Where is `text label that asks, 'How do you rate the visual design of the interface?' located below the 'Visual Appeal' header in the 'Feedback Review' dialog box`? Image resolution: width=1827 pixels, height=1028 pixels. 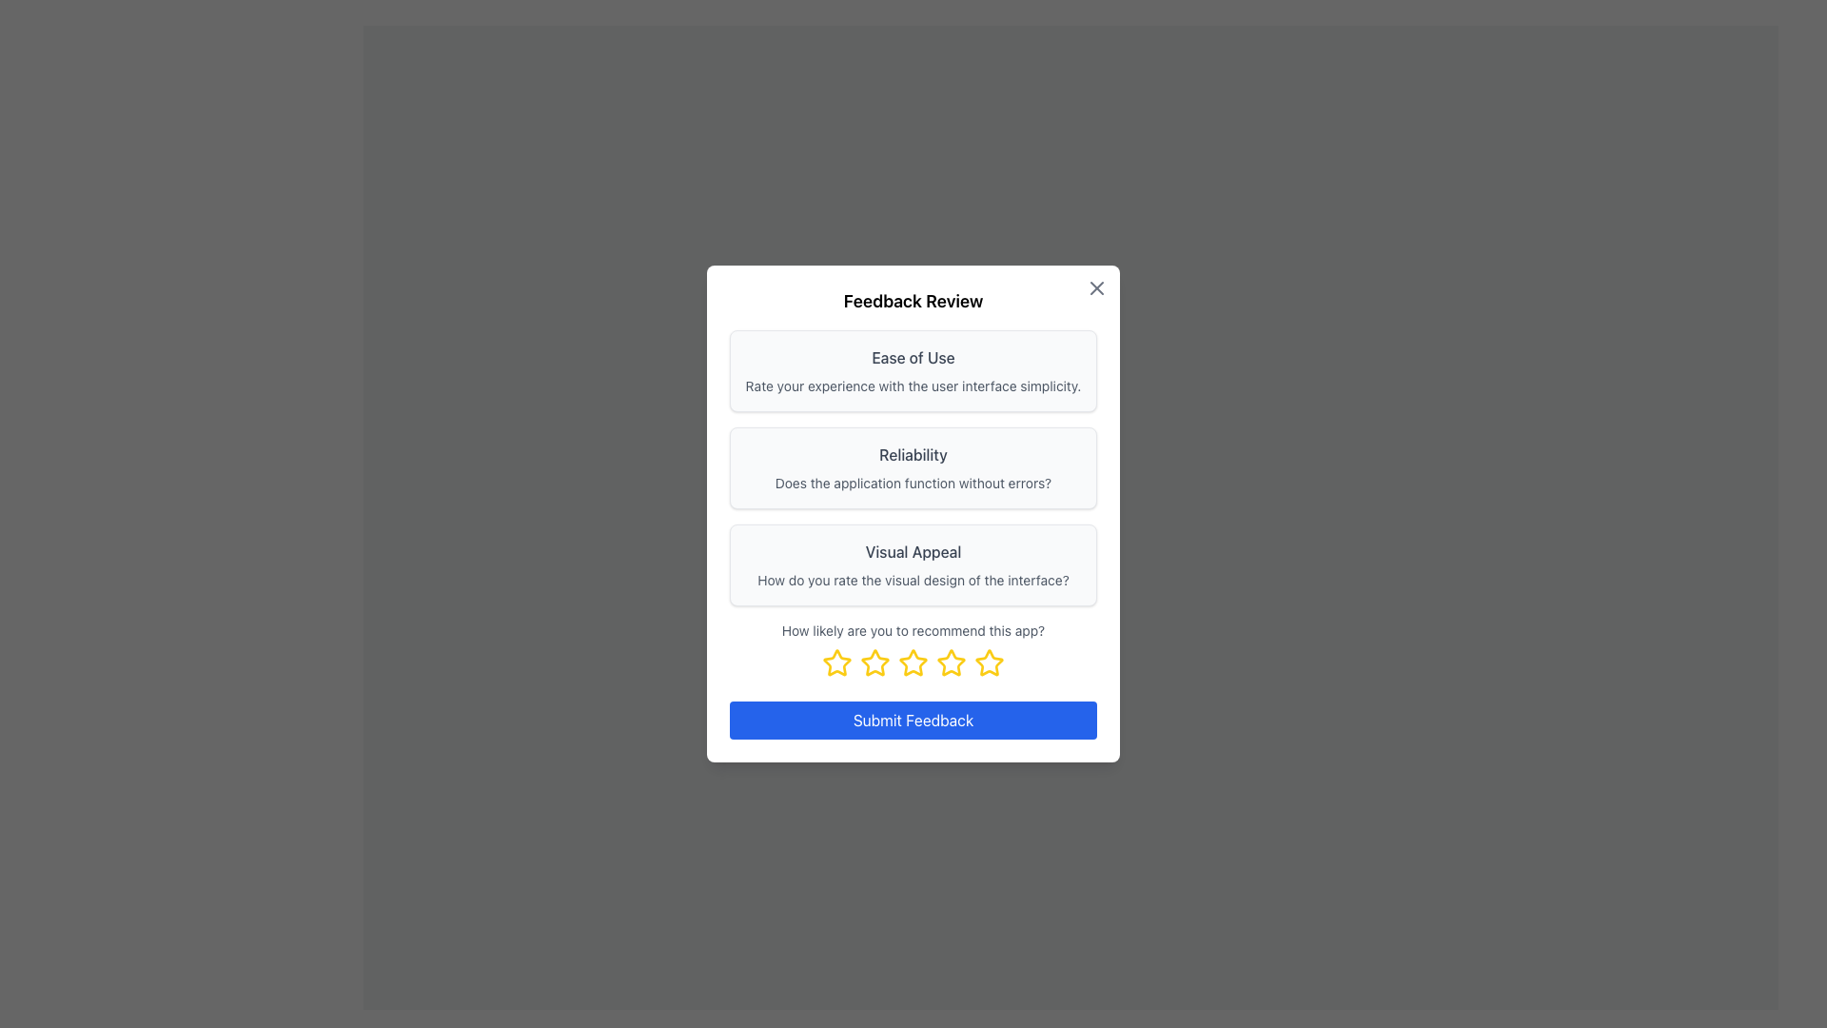 text label that asks, 'How do you rate the visual design of the interface?' located below the 'Visual Appeal' header in the 'Feedback Review' dialog box is located at coordinates (913, 579).